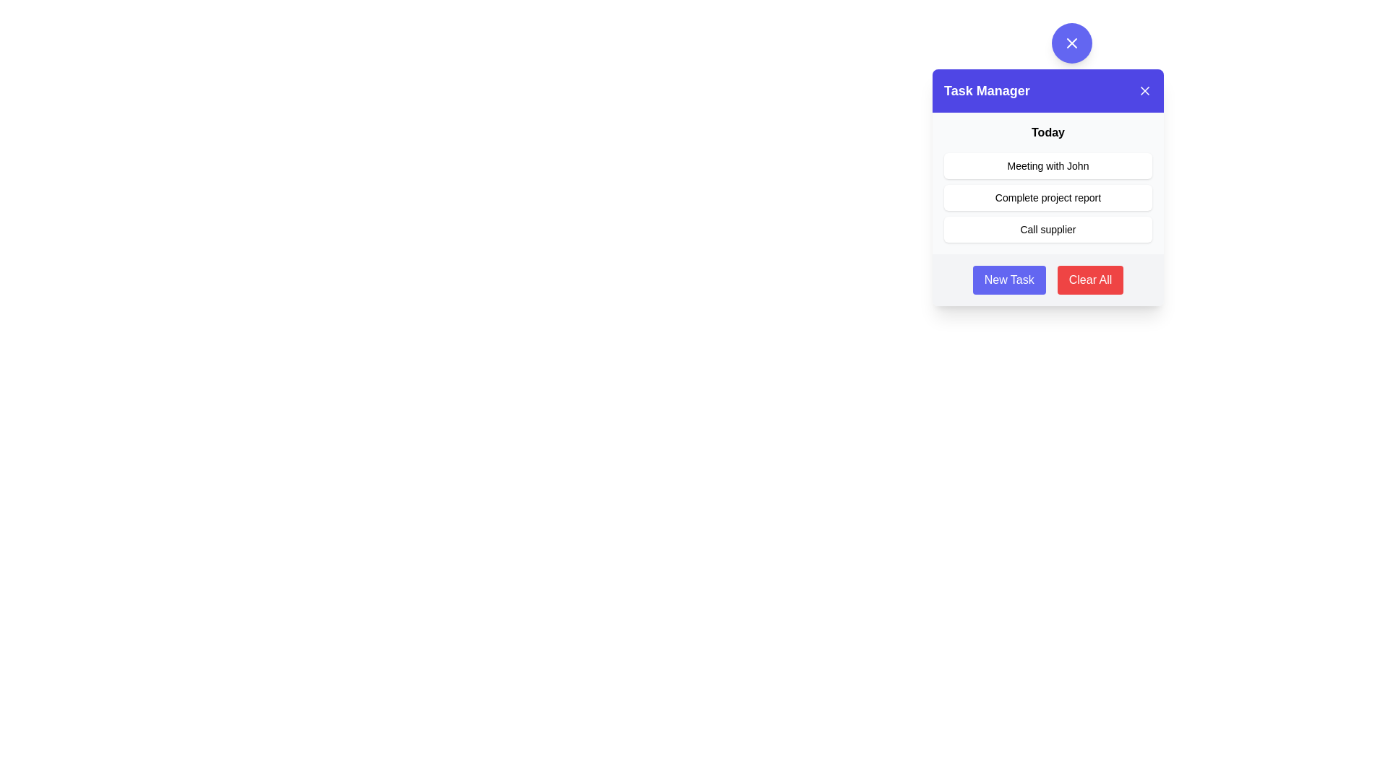 Image resolution: width=1388 pixels, height=780 pixels. What do you see at coordinates (1008, 280) in the screenshot?
I see `the 'New Task' button with a purple background and white text` at bounding box center [1008, 280].